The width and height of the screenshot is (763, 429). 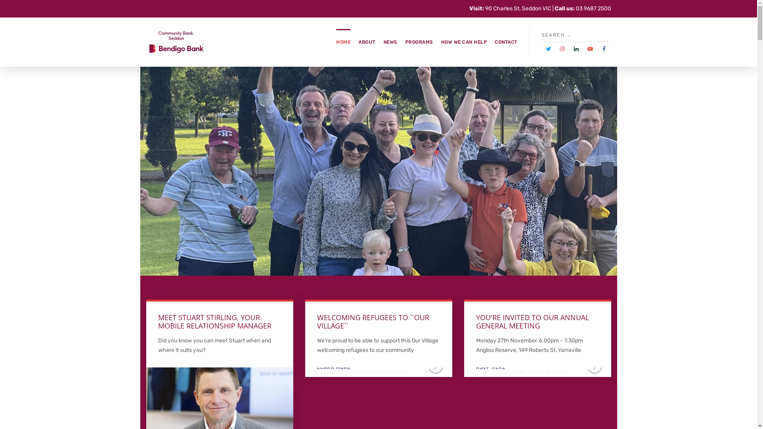 What do you see at coordinates (720, 41) in the screenshot?
I see `'Search'` at bounding box center [720, 41].